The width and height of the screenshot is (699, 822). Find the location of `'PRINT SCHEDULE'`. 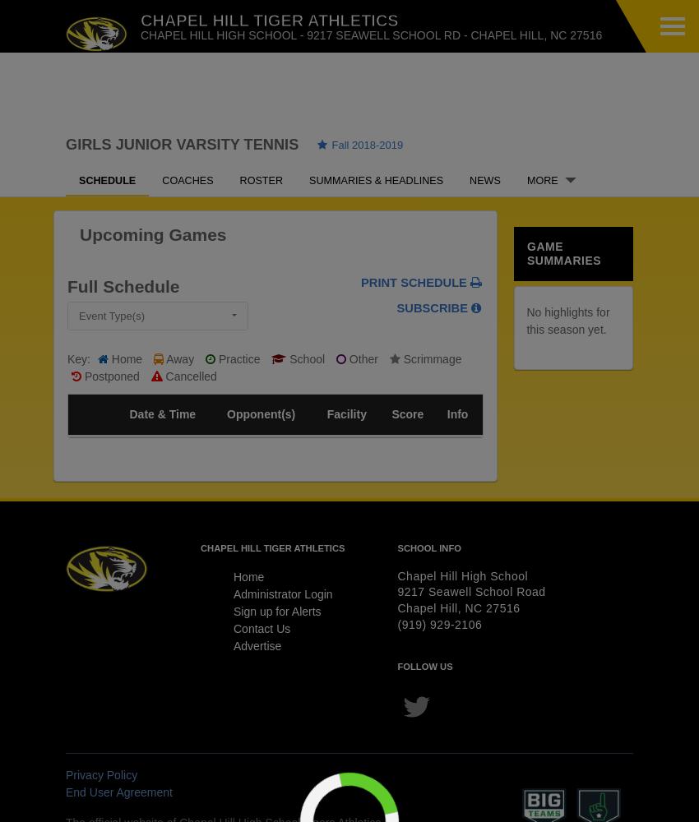

'PRINT SCHEDULE' is located at coordinates (359, 281).